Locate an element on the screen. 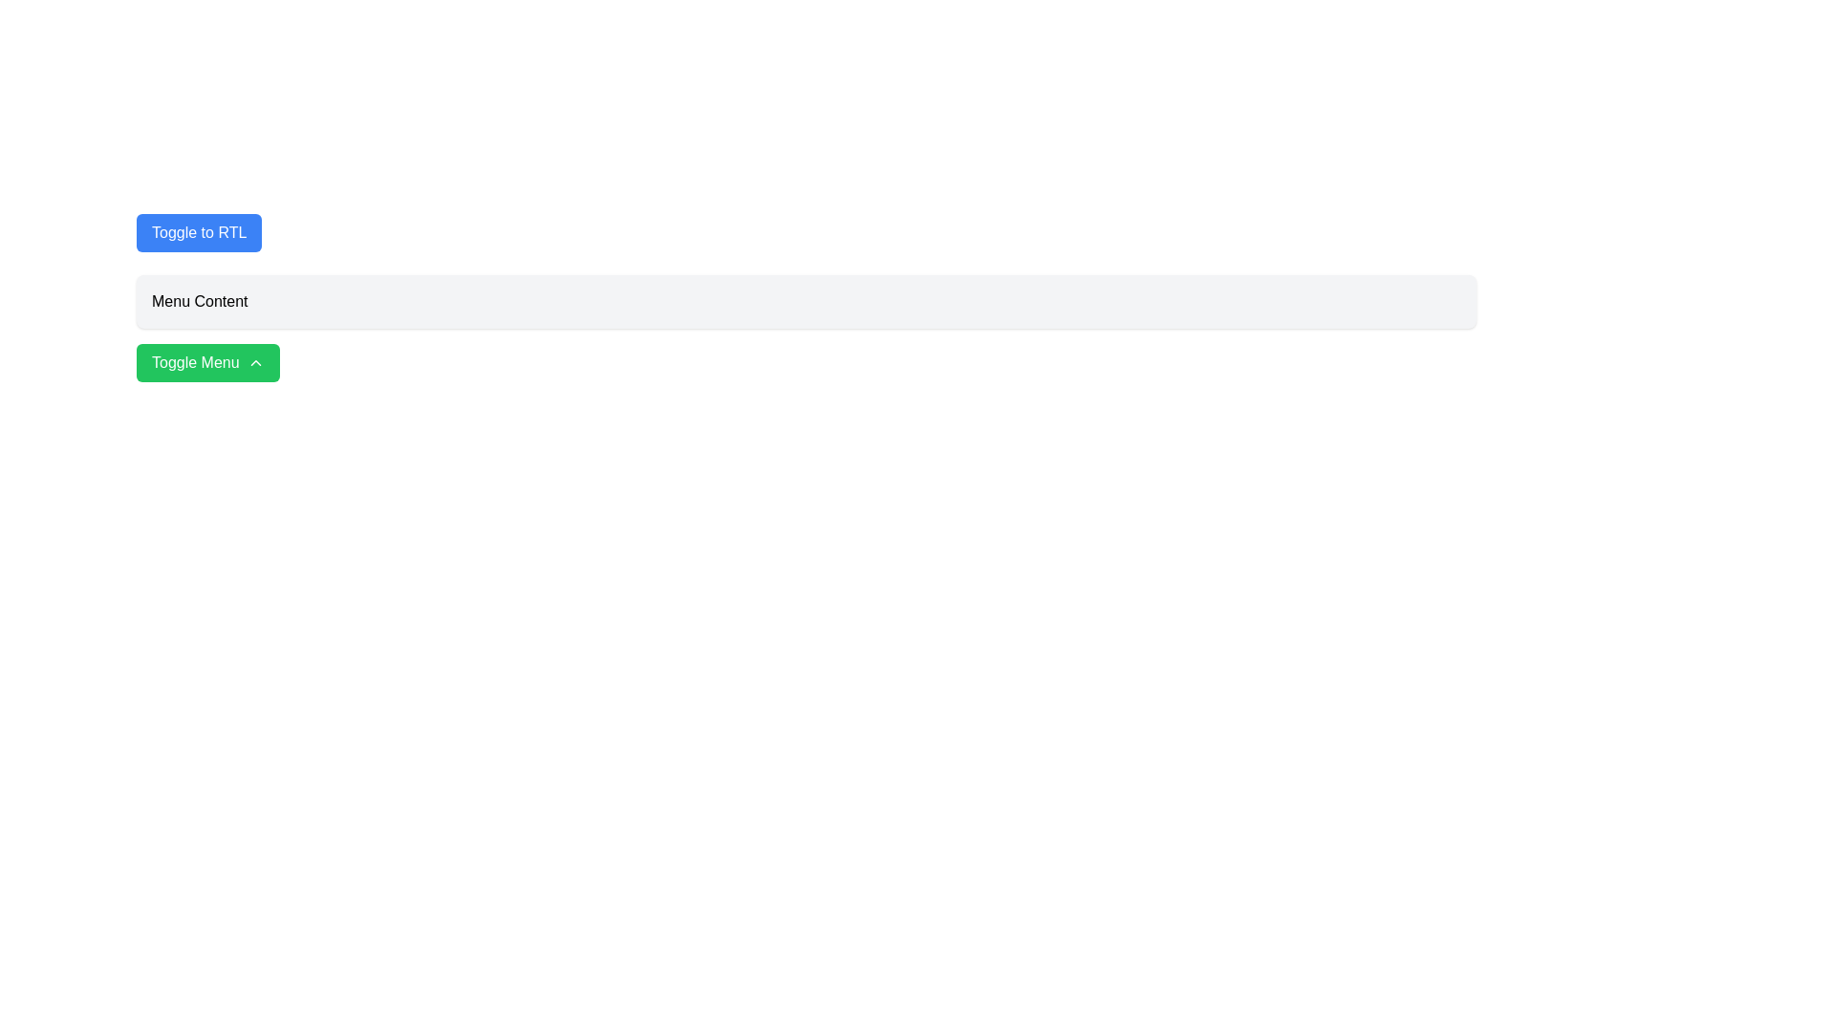  the green rounded button labeled 'Toggle Menu' is located at coordinates (207, 363).